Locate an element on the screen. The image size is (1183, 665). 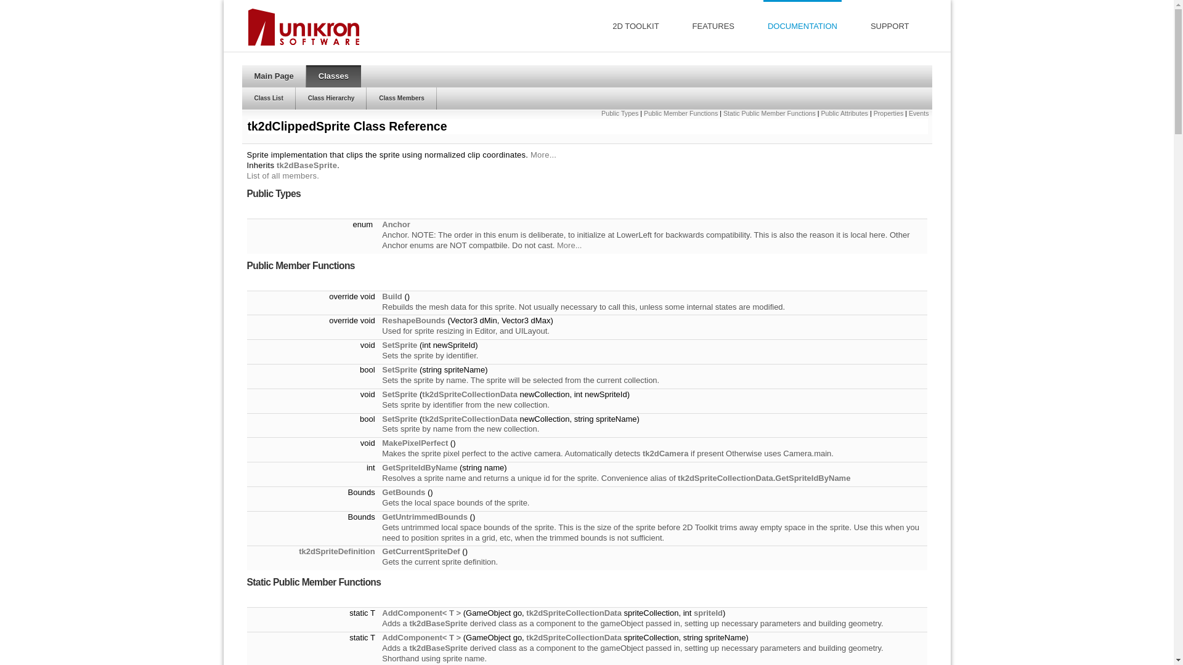
'FEATURES' is located at coordinates (713, 25).